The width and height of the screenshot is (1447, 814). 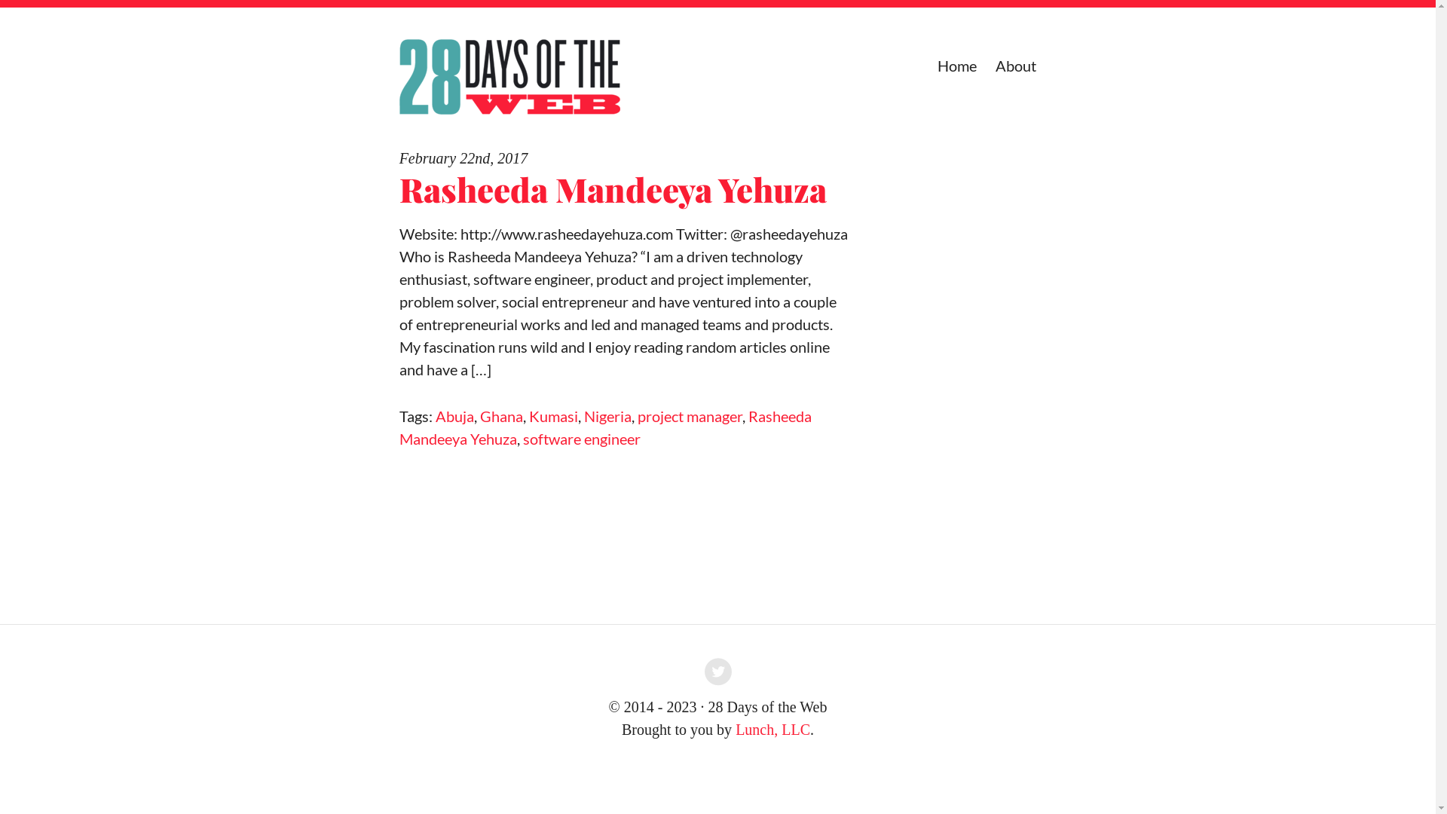 What do you see at coordinates (399, 188) in the screenshot?
I see `'Rasheeda Mandeeya Yehuza'` at bounding box center [399, 188].